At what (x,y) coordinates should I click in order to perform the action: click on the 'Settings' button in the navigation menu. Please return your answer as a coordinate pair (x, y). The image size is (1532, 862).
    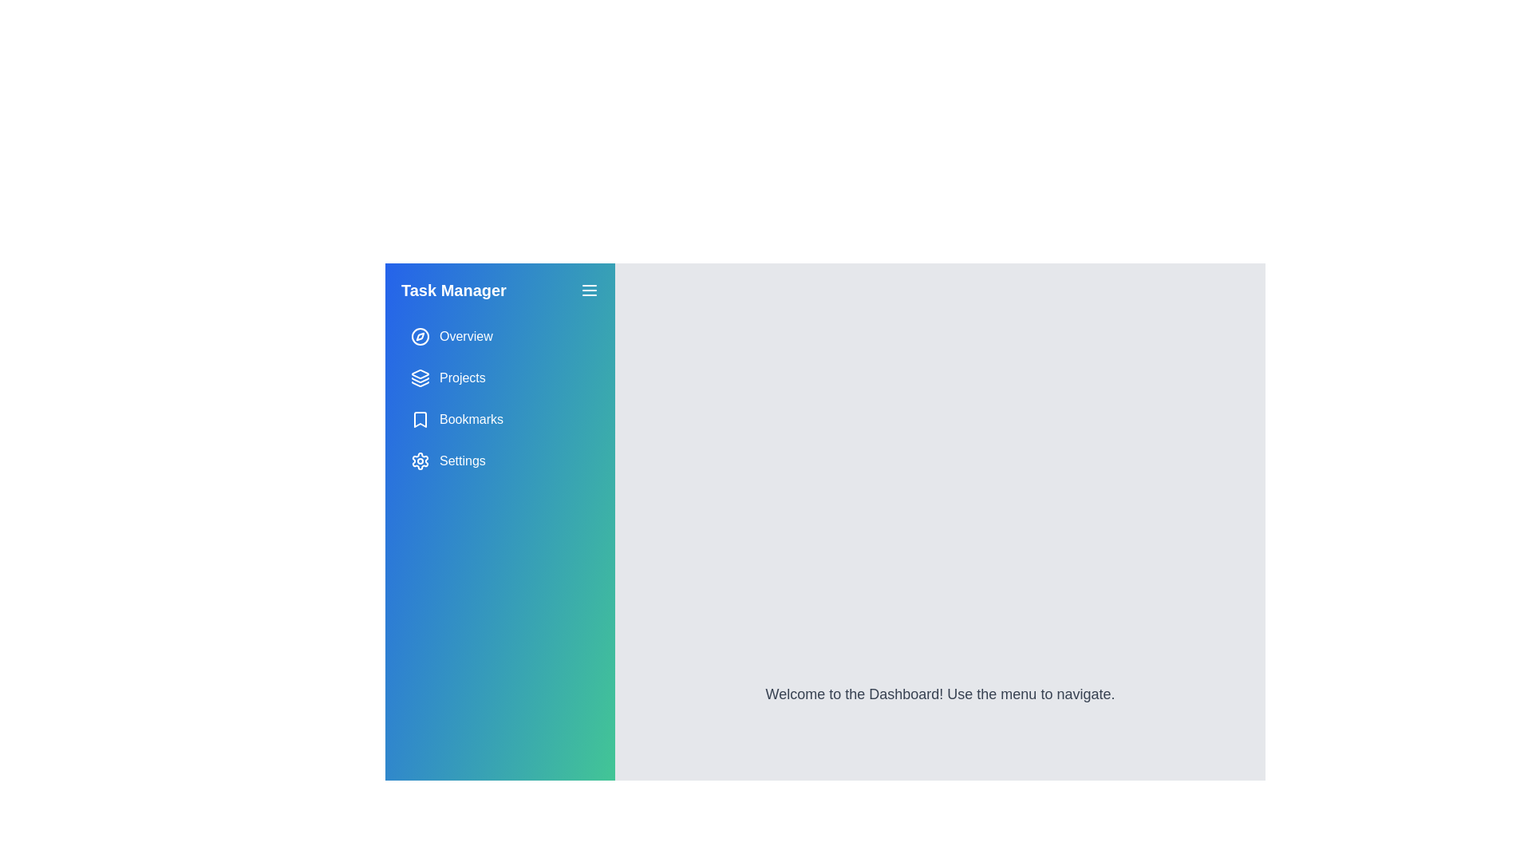
    Looking at the image, I should click on (499, 461).